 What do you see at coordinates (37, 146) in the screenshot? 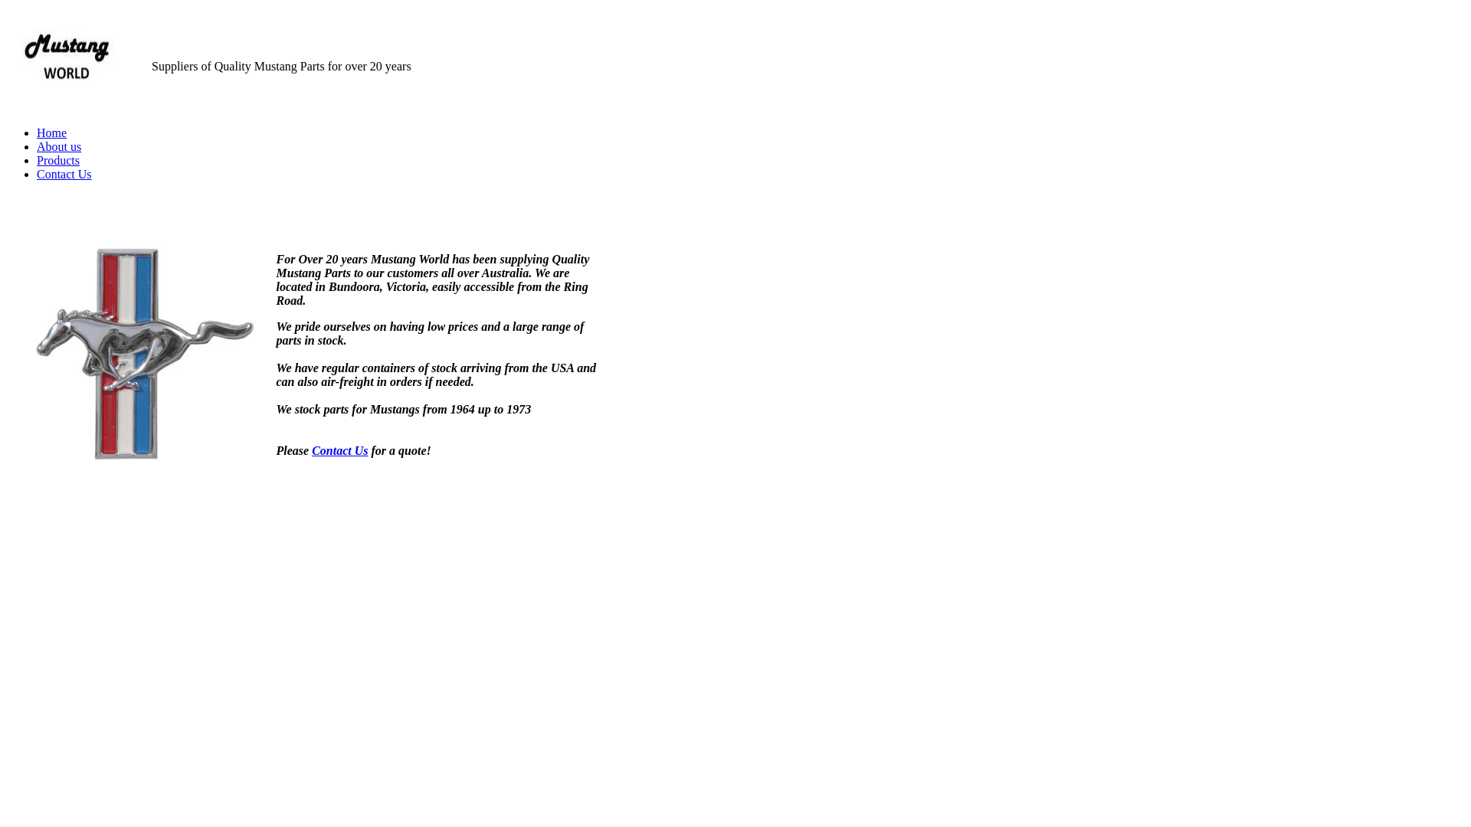
I see `'About us'` at bounding box center [37, 146].